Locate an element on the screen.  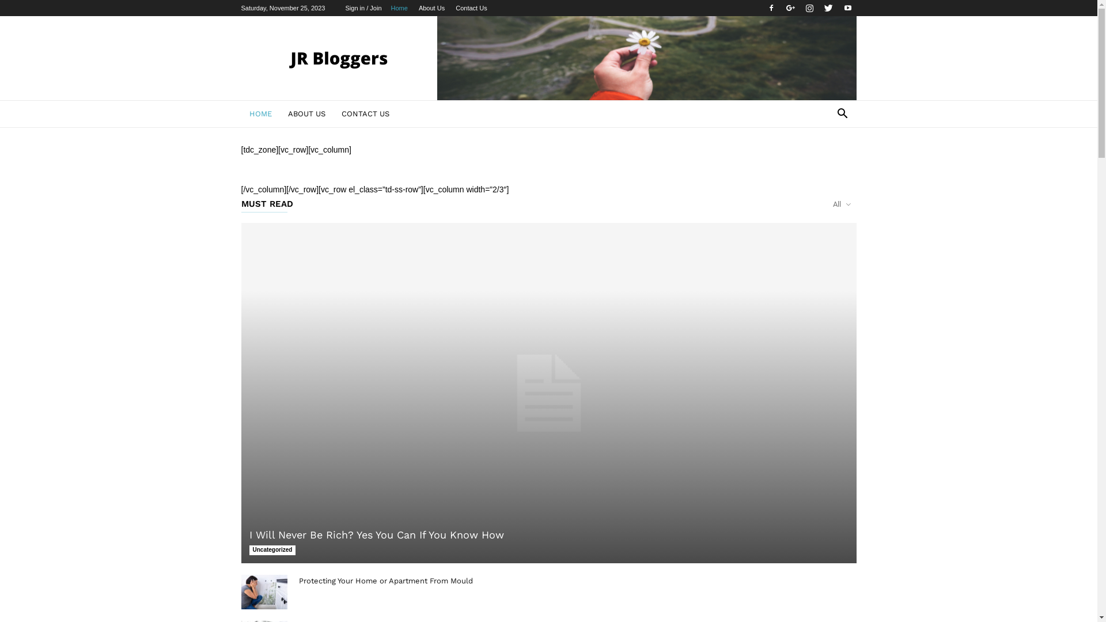
'Sign in / Join' is located at coordinates (363, 8).